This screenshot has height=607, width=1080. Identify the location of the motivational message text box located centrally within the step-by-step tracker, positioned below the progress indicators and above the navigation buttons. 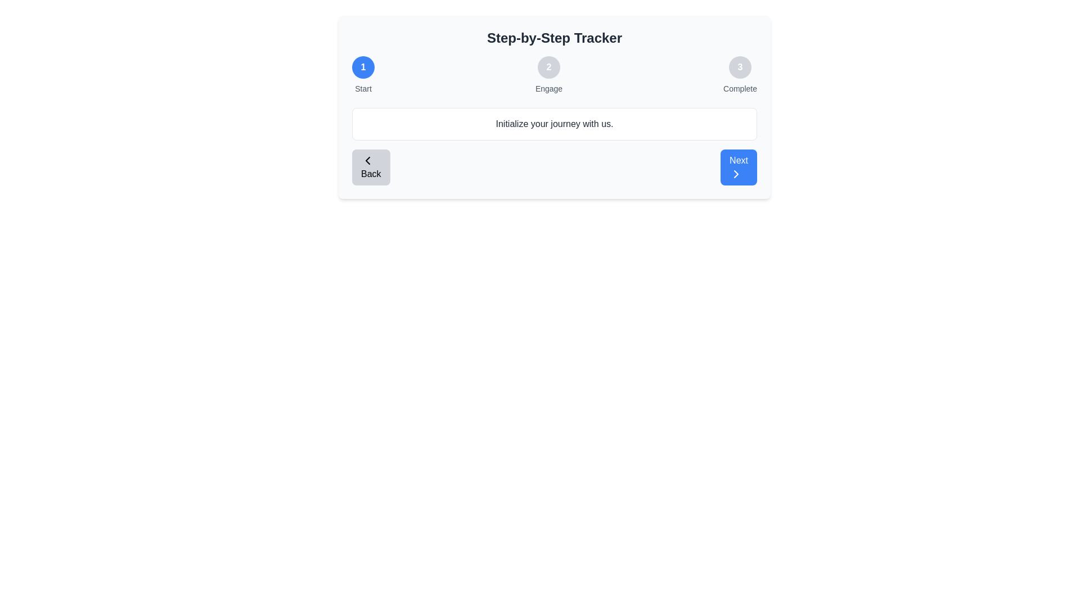
(554, 124).